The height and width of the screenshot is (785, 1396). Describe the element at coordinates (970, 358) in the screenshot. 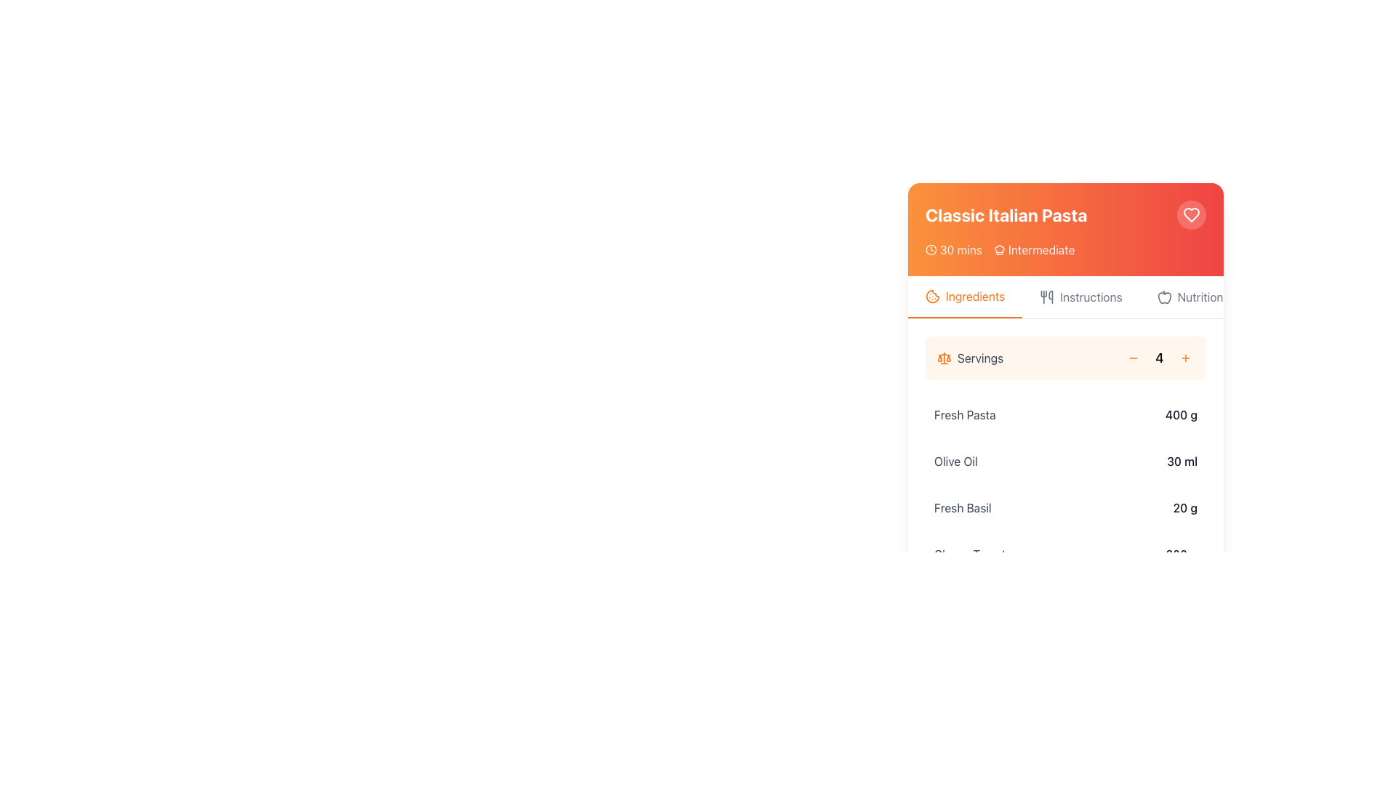

I see `the 'Servings' label with the orange scale icon` at that location.